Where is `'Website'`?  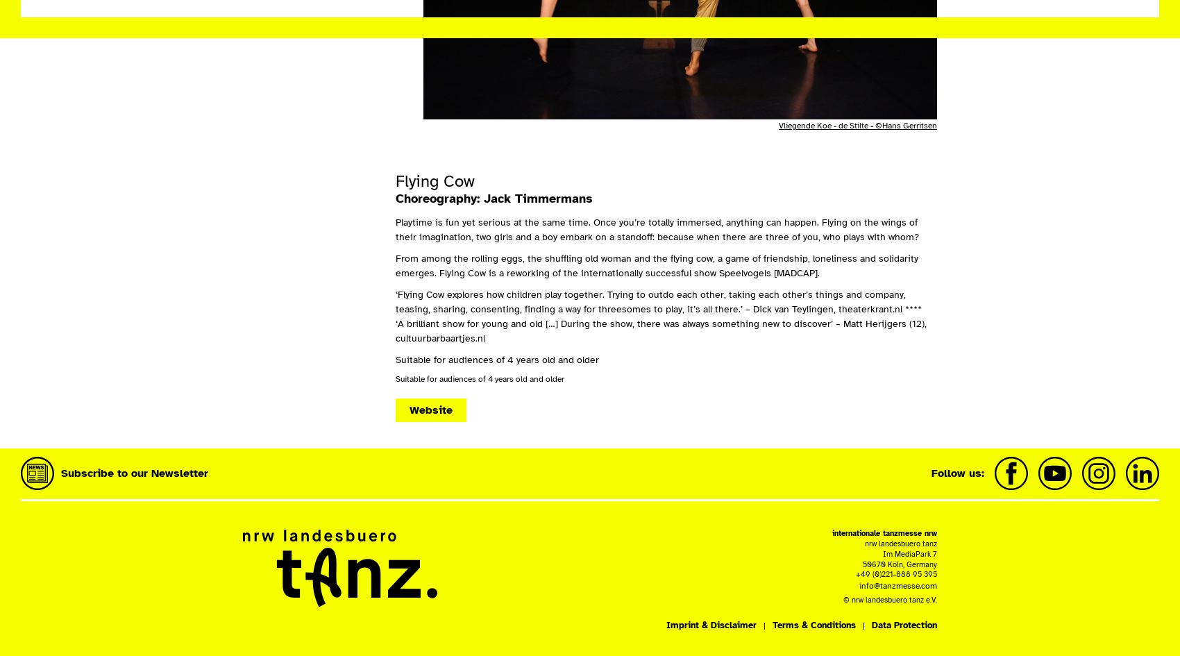 'Website' is located at coordinates (430, 410).